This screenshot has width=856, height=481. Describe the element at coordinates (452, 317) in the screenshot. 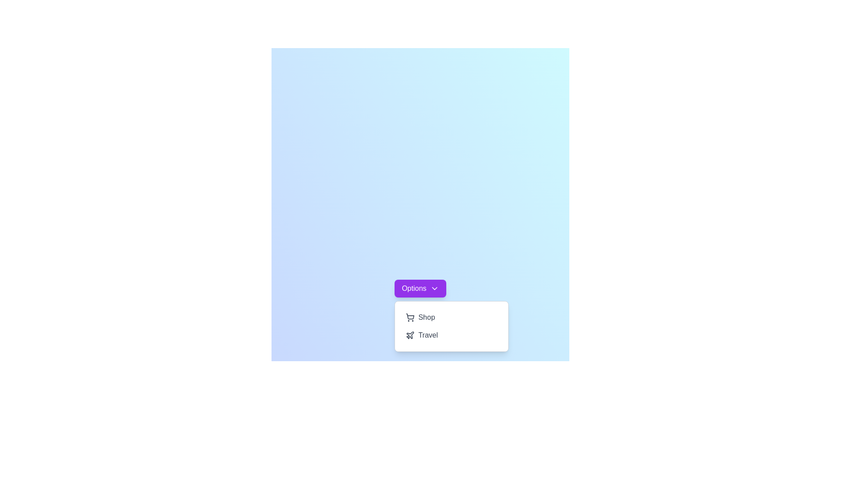

I see `the top button in the vertical list that redirects to the 'Shop' page` at that location.